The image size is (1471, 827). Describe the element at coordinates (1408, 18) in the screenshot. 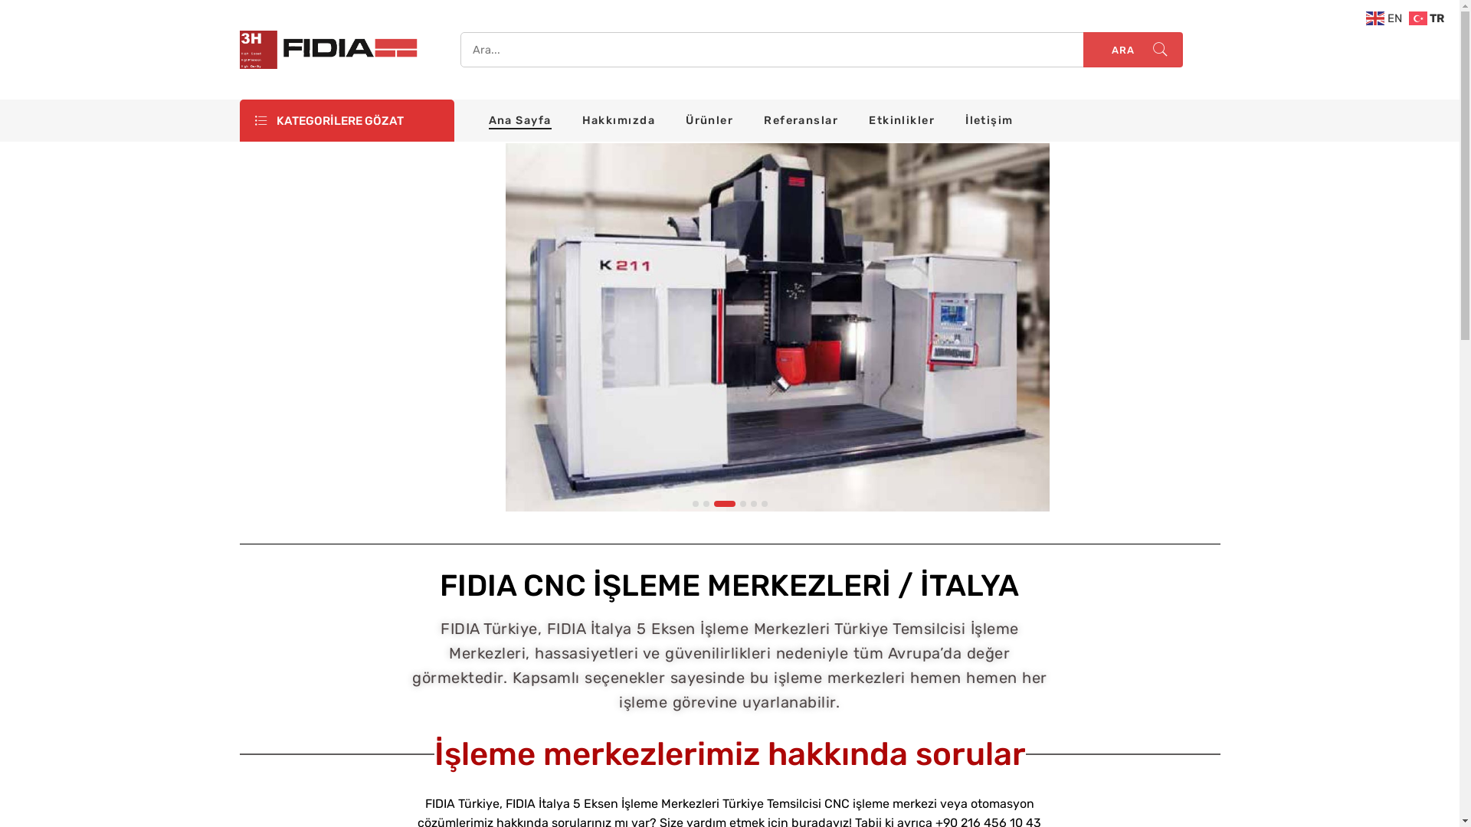

I see `'TR'` at that location.